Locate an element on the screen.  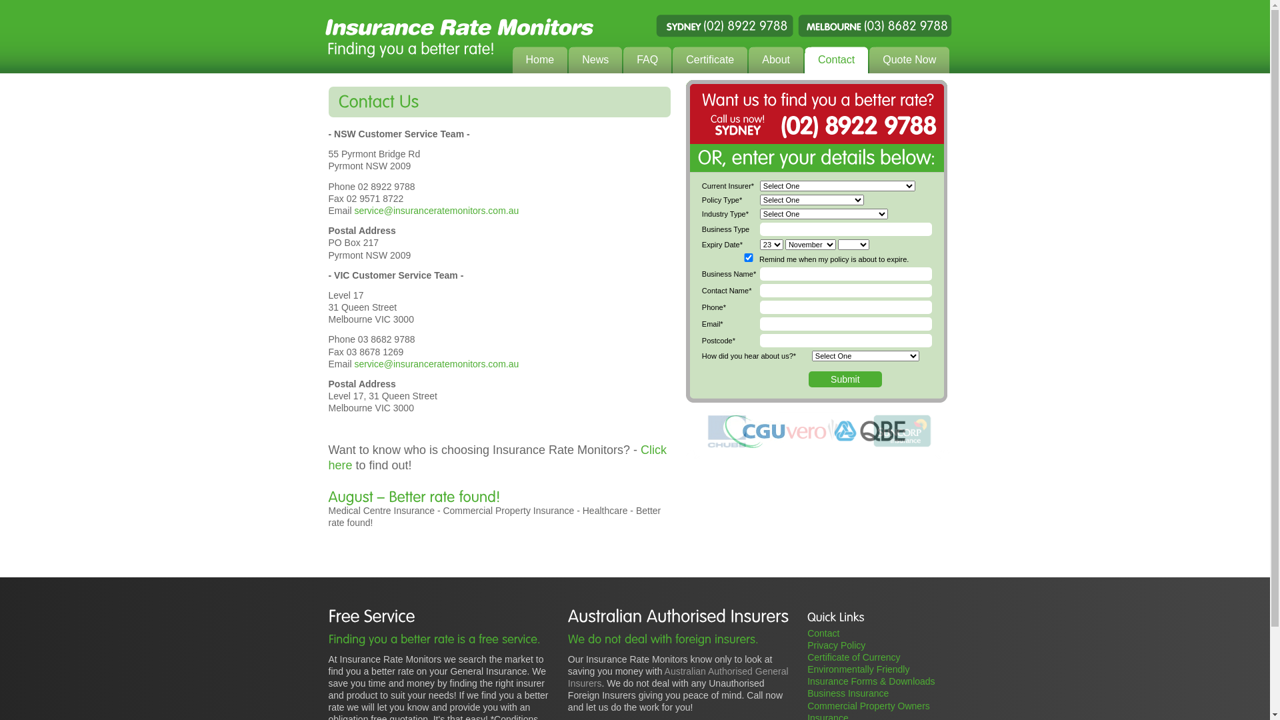
'Privacy Policy' is located at coordinates (835, 645).